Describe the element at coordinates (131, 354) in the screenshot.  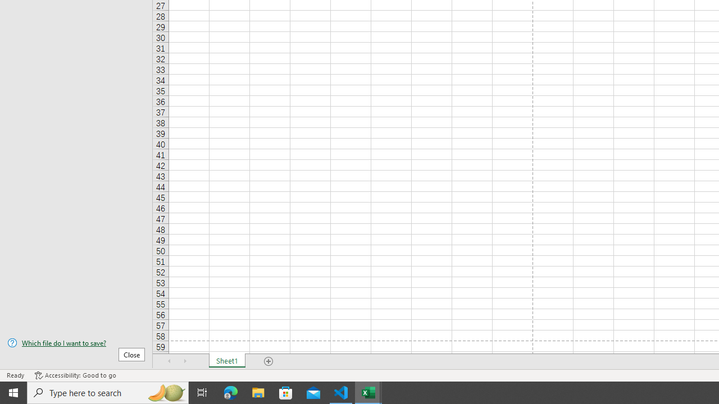
I see `'Close'` at that location.